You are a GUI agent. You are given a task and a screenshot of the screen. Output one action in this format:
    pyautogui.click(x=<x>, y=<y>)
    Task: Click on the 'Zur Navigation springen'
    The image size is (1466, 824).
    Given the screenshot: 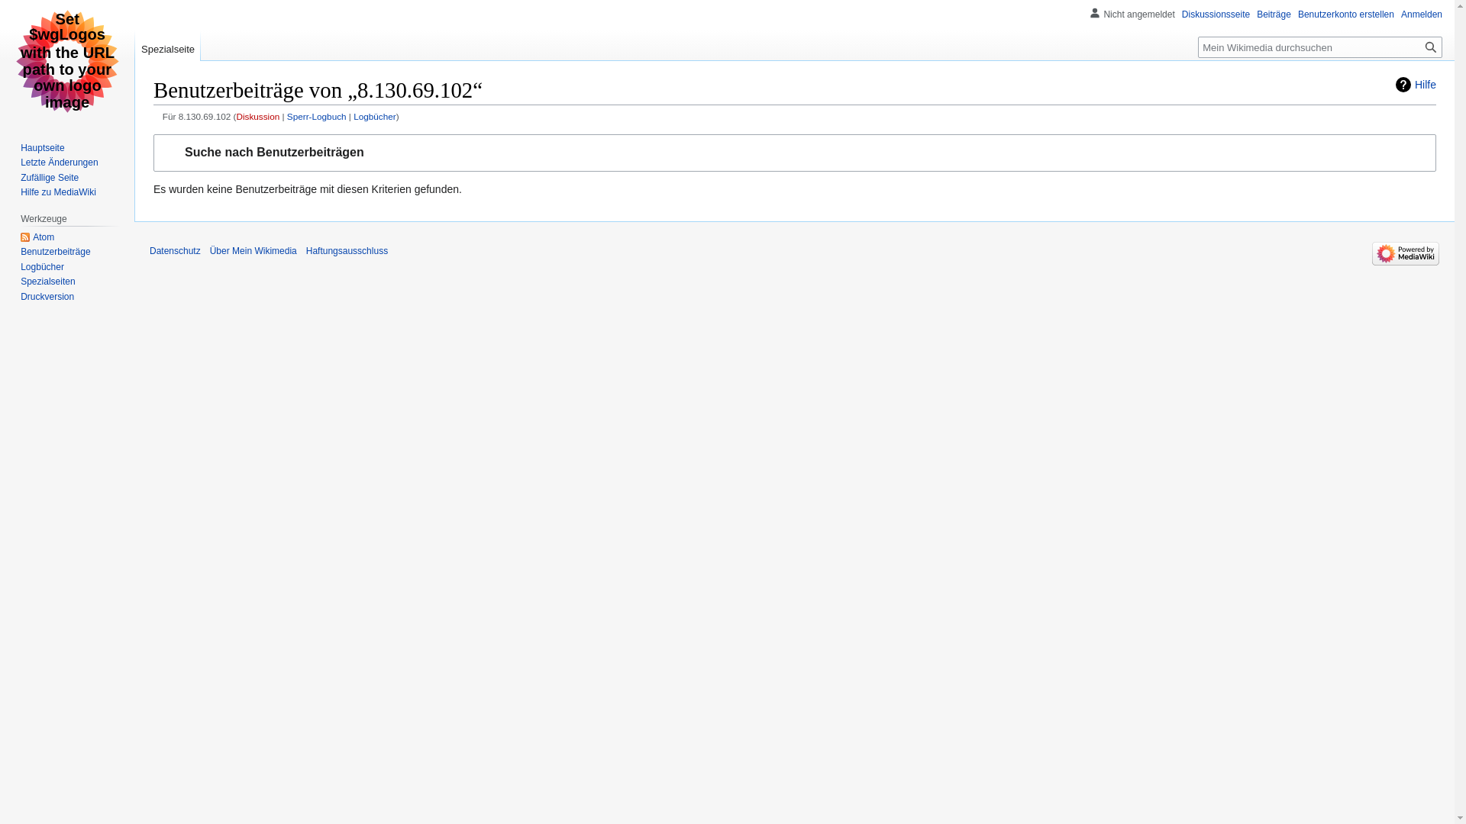 What is the action you would take?
    pyautogui.click(x=153, y=133)
    